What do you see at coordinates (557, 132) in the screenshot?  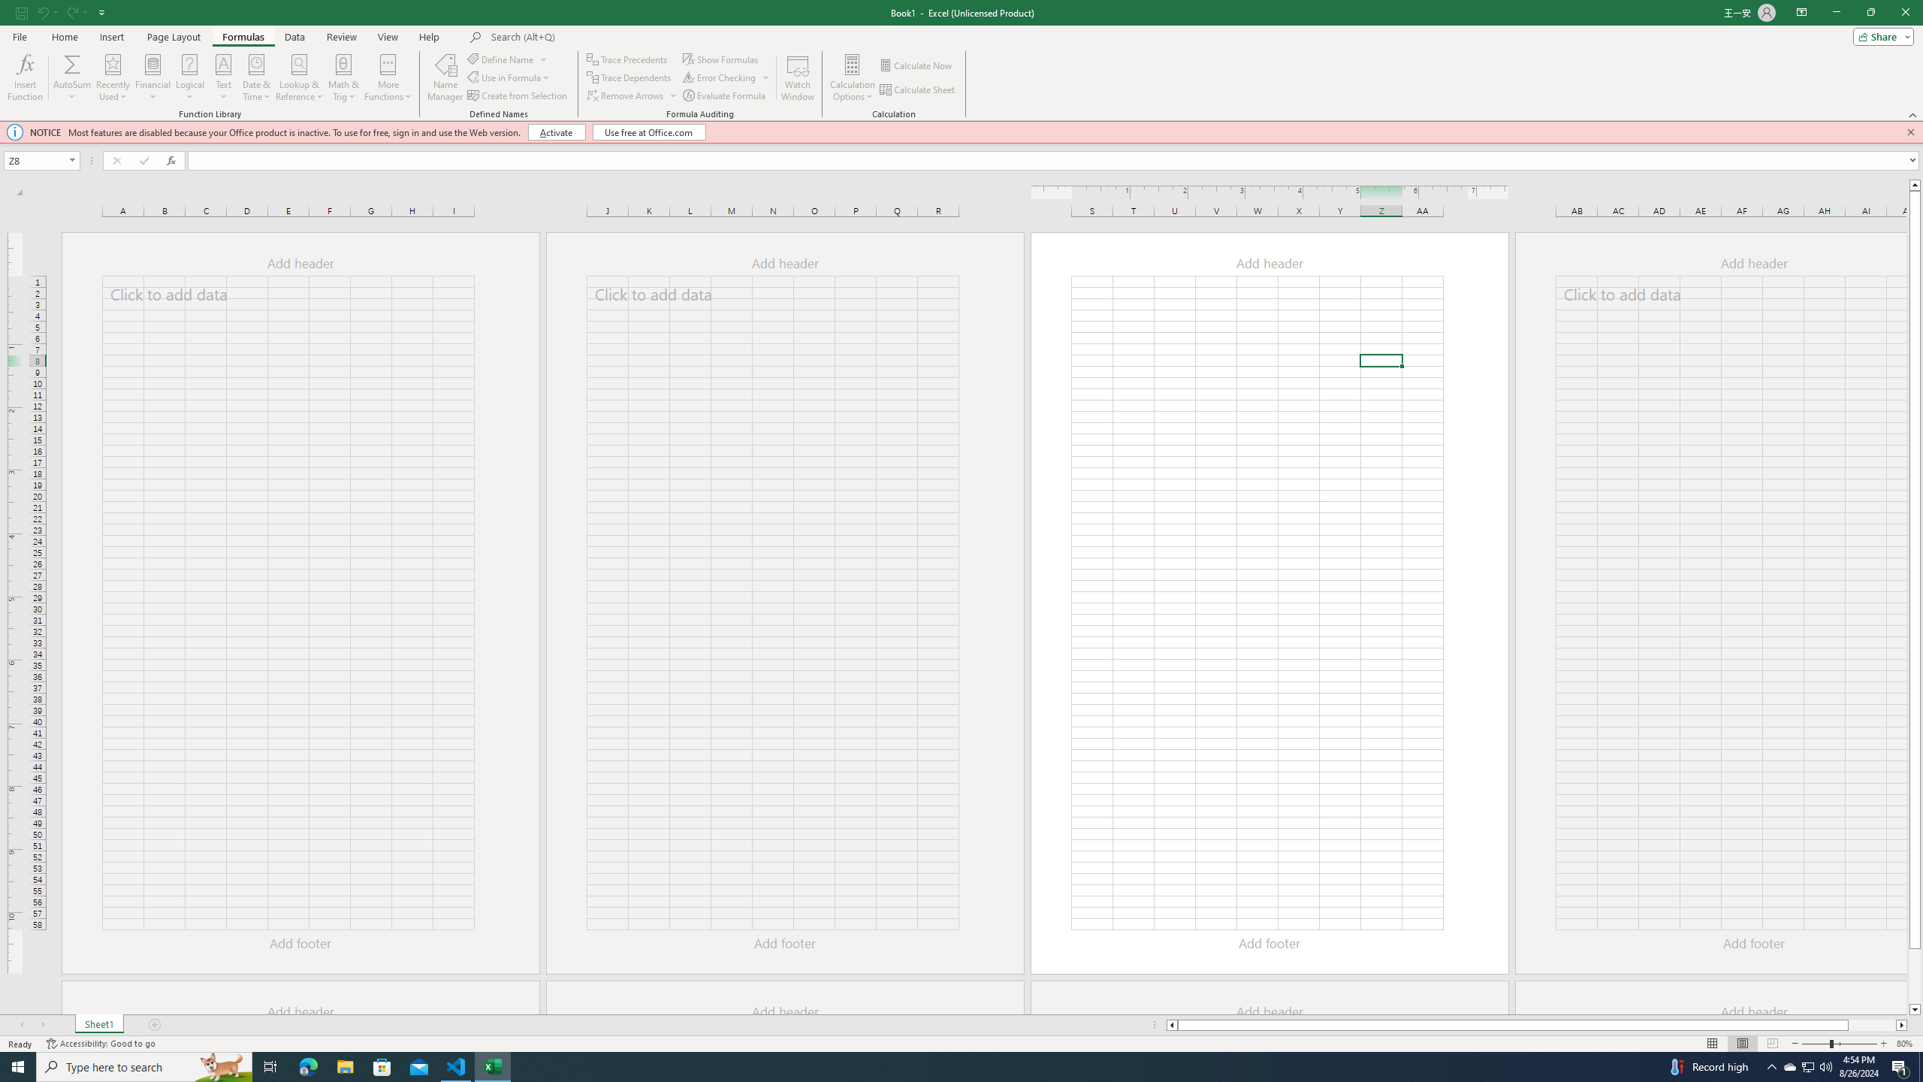 I see `'Activate'` at bounding box center [557, 132].